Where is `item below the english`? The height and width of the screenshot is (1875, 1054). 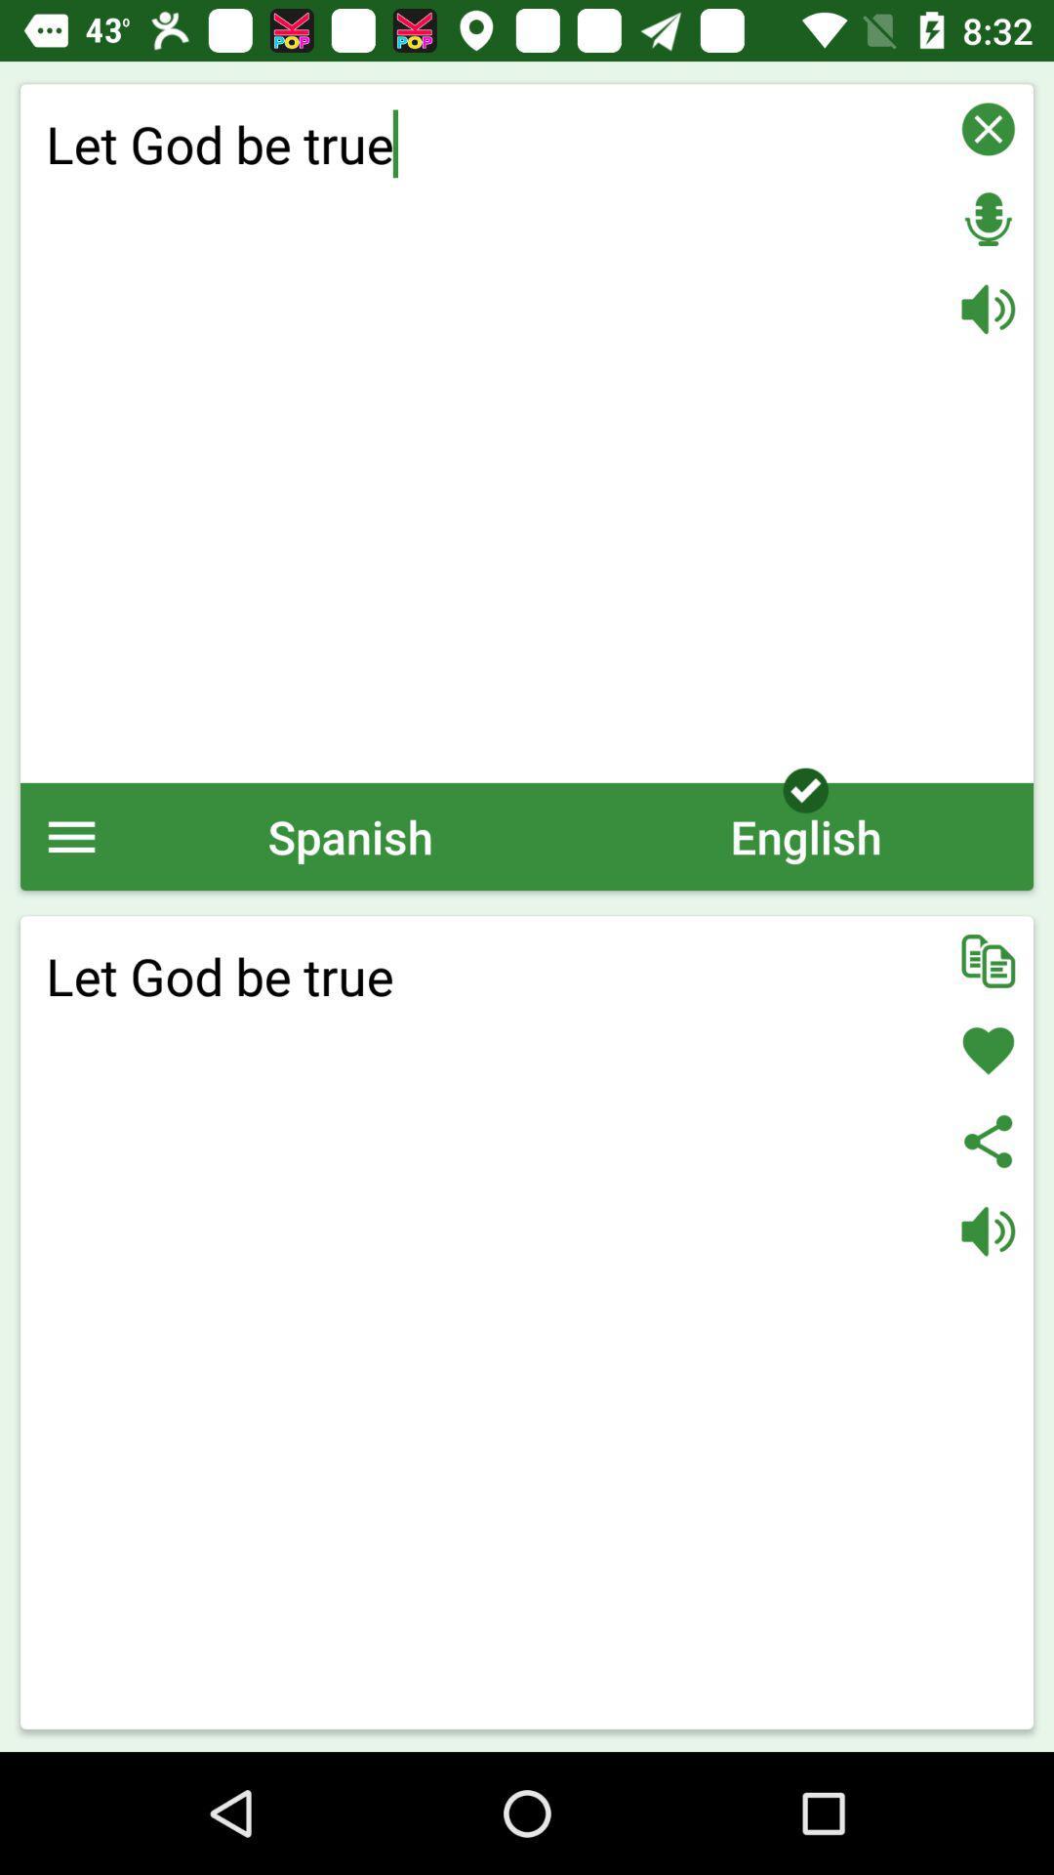 item below the english is located at coordinates (988, 961).